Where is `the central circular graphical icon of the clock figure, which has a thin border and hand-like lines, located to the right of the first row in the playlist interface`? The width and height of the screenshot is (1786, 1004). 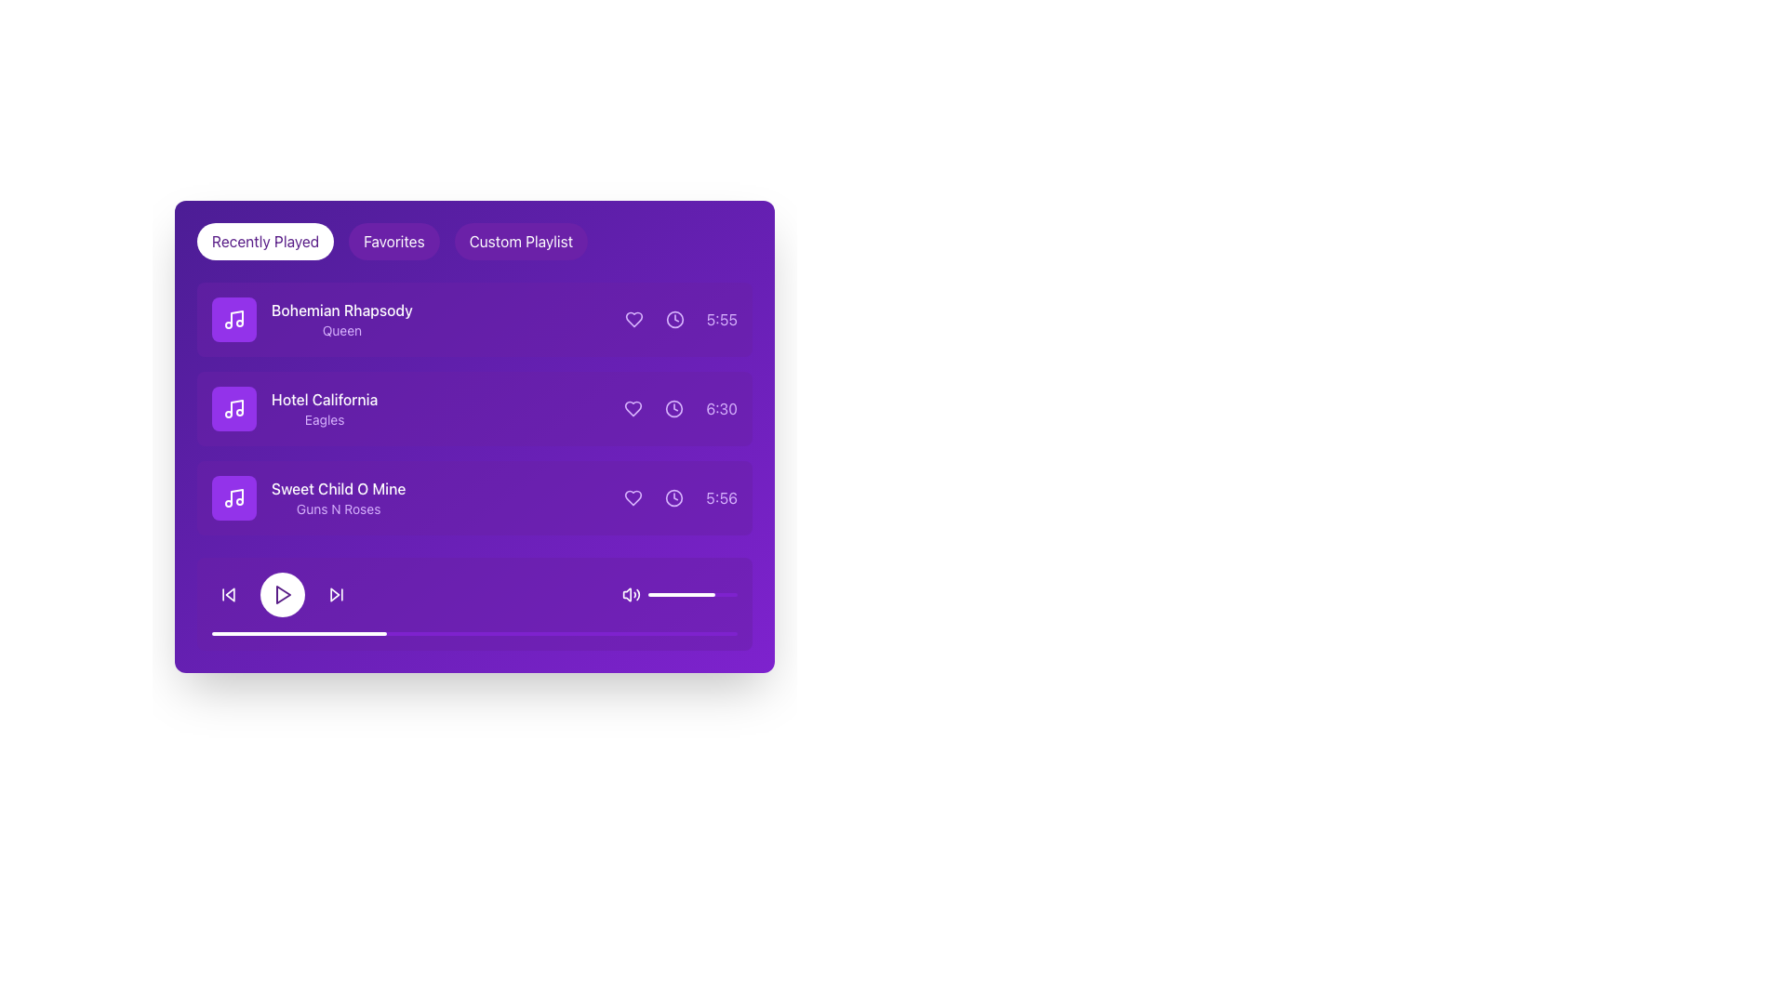
the central circular graphical icon of the clock figure, which has a thin border and hand-like lines, located to the right of the first row in the playlist interface is located at coordinates (673, 318).